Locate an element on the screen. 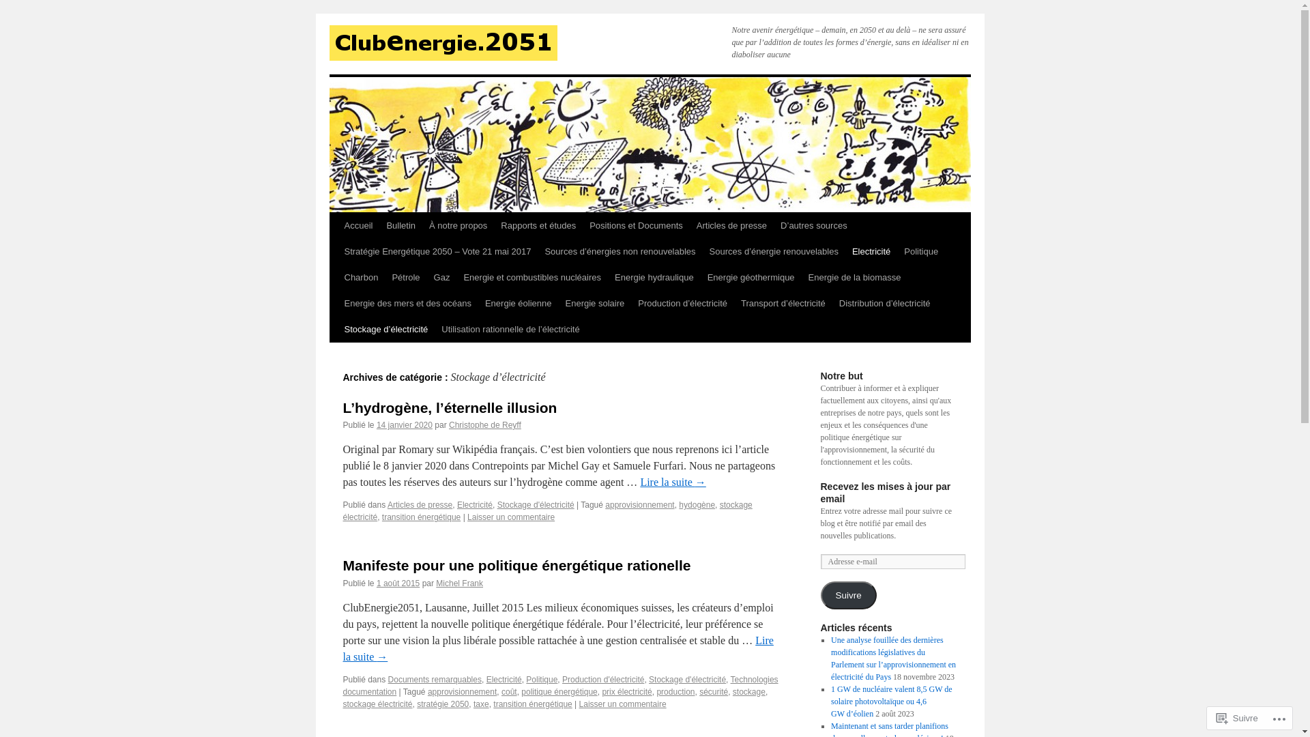 The image size is (1310, 737). 'Energie solaire' is located at coordinates (595, 302).